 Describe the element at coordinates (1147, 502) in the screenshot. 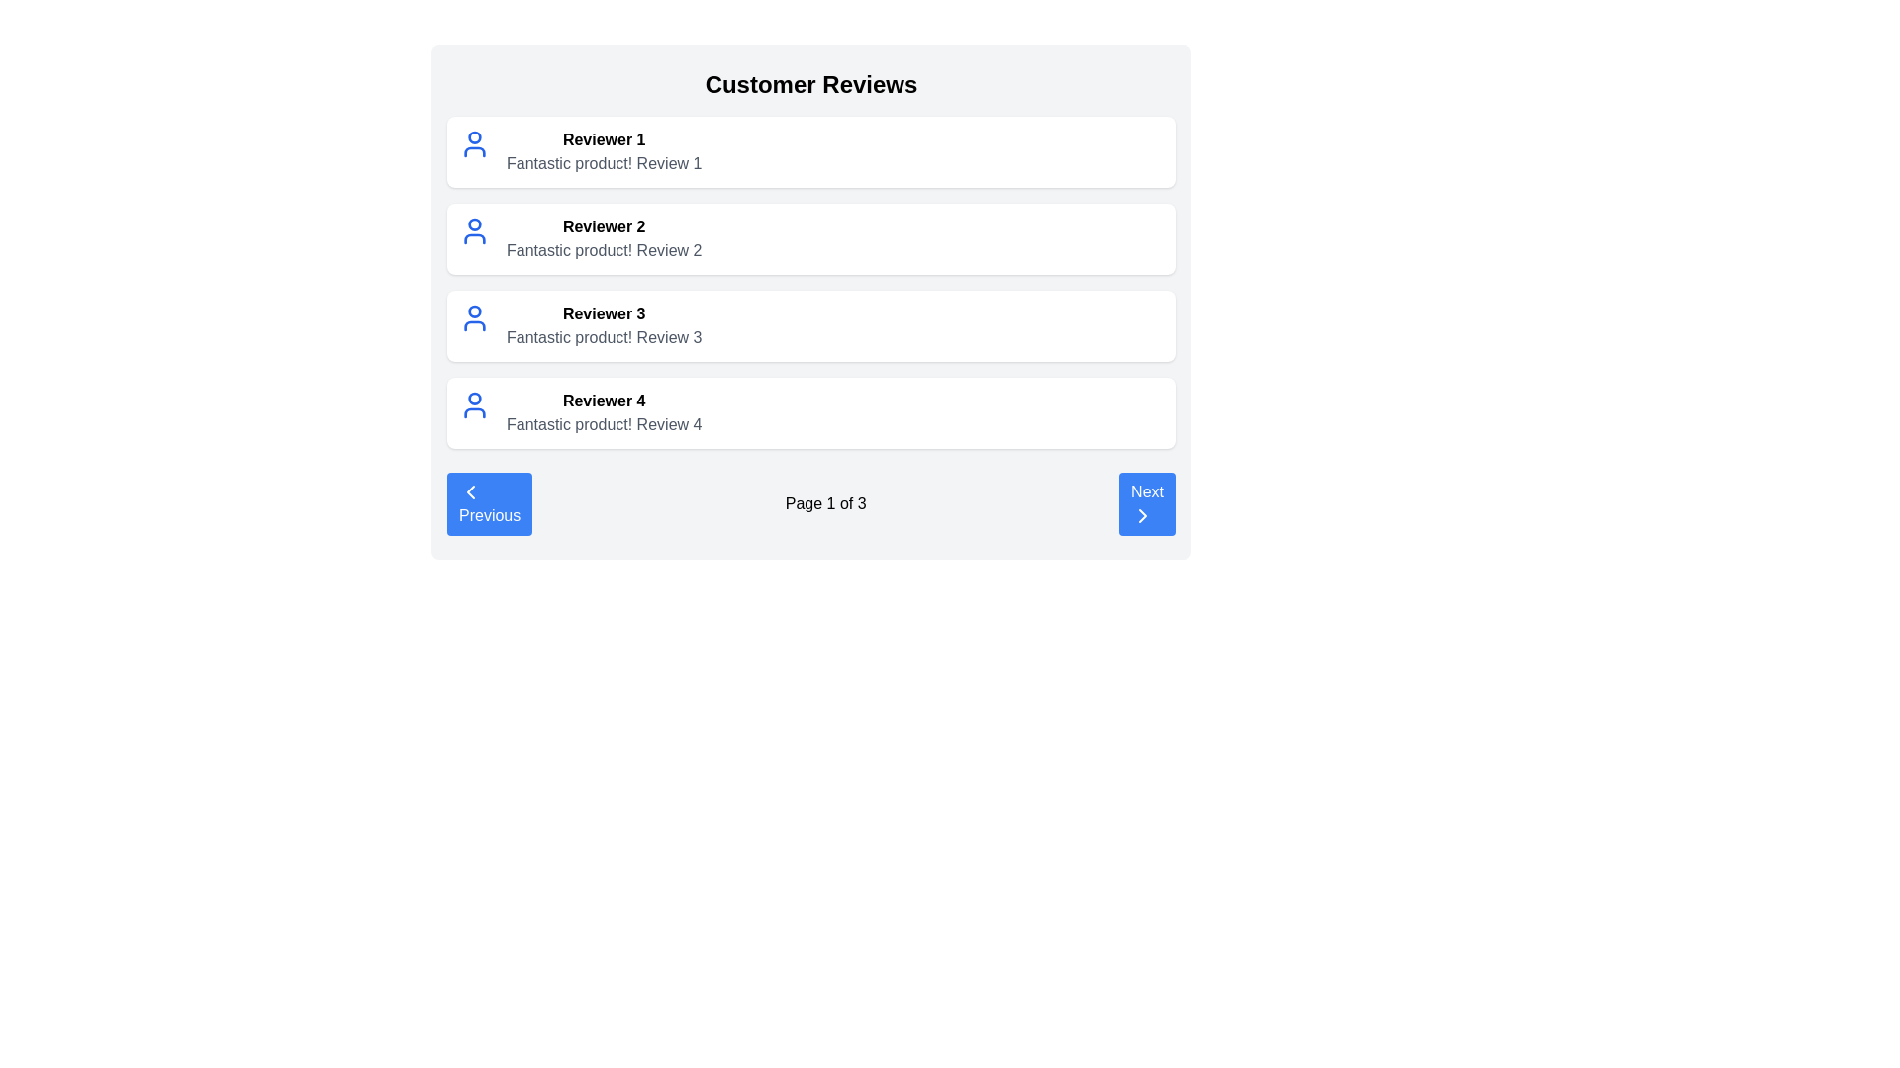

I see `the 'Next' button located at the bottom-right corner of the interface` at that location.